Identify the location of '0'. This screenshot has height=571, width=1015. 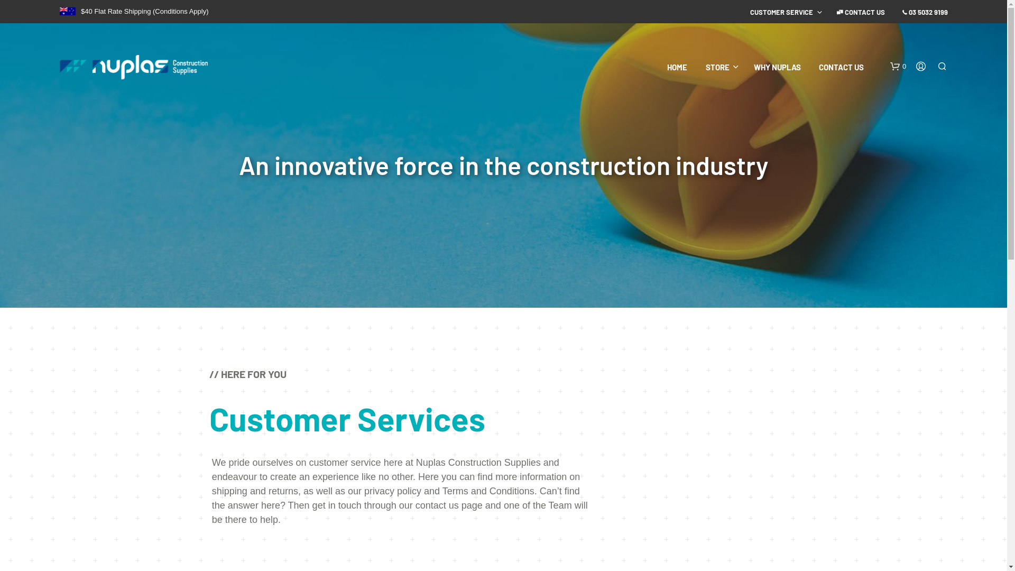
(890, 67).